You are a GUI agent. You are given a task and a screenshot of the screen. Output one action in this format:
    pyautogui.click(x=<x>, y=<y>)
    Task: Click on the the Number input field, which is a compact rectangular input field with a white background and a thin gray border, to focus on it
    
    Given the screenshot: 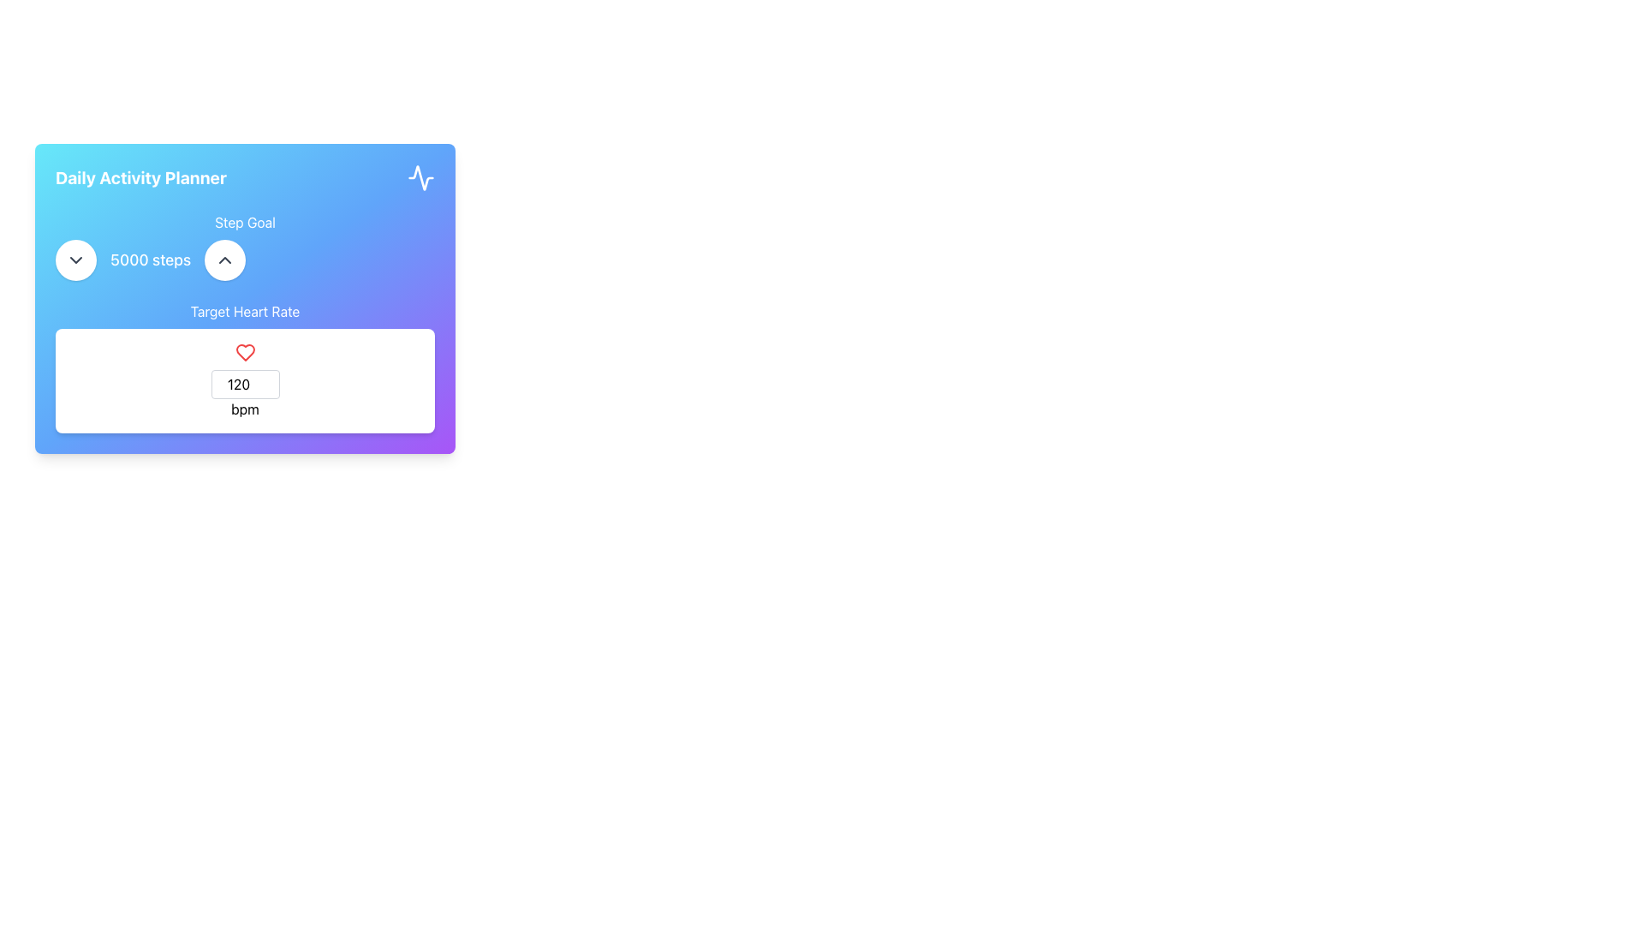 What is the action you would take?
    pyautogui.click(x=244, y=383)
    